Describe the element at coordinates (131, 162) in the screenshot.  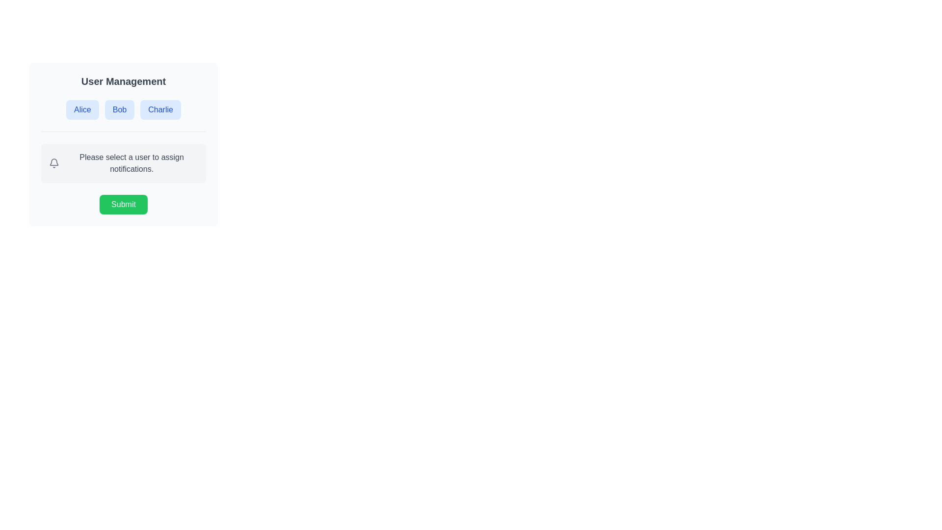
I see `the Text Label that instructs the user to select a user for notification assignment, located to the right of the bell icon in the User Management section` at that location.